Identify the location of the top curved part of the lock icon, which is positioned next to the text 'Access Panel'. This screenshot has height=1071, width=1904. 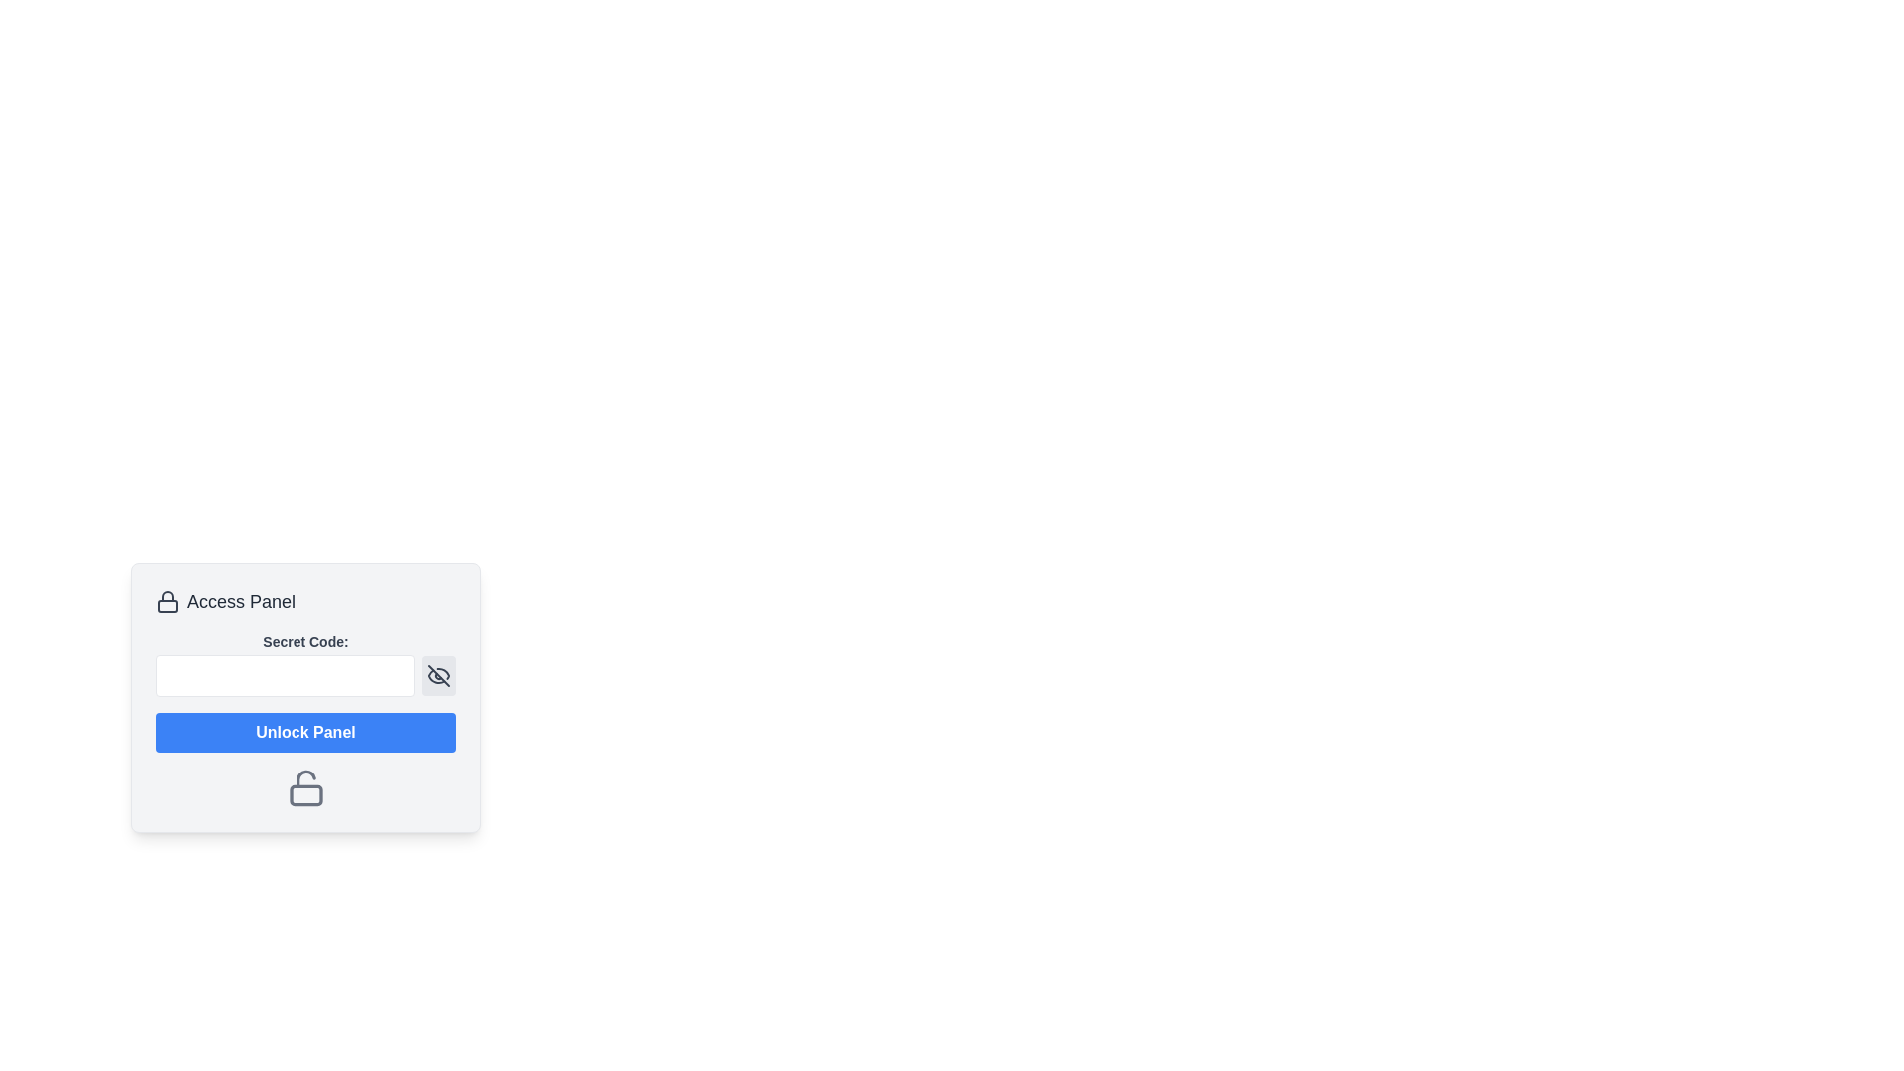
(167, 595).